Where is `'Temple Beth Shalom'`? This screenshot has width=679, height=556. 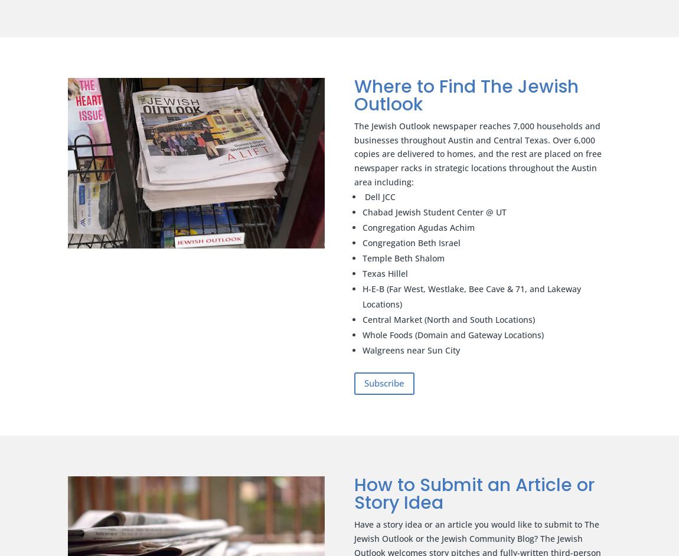 'Temple Beth Shalom' is located at coordinates (403, 257).